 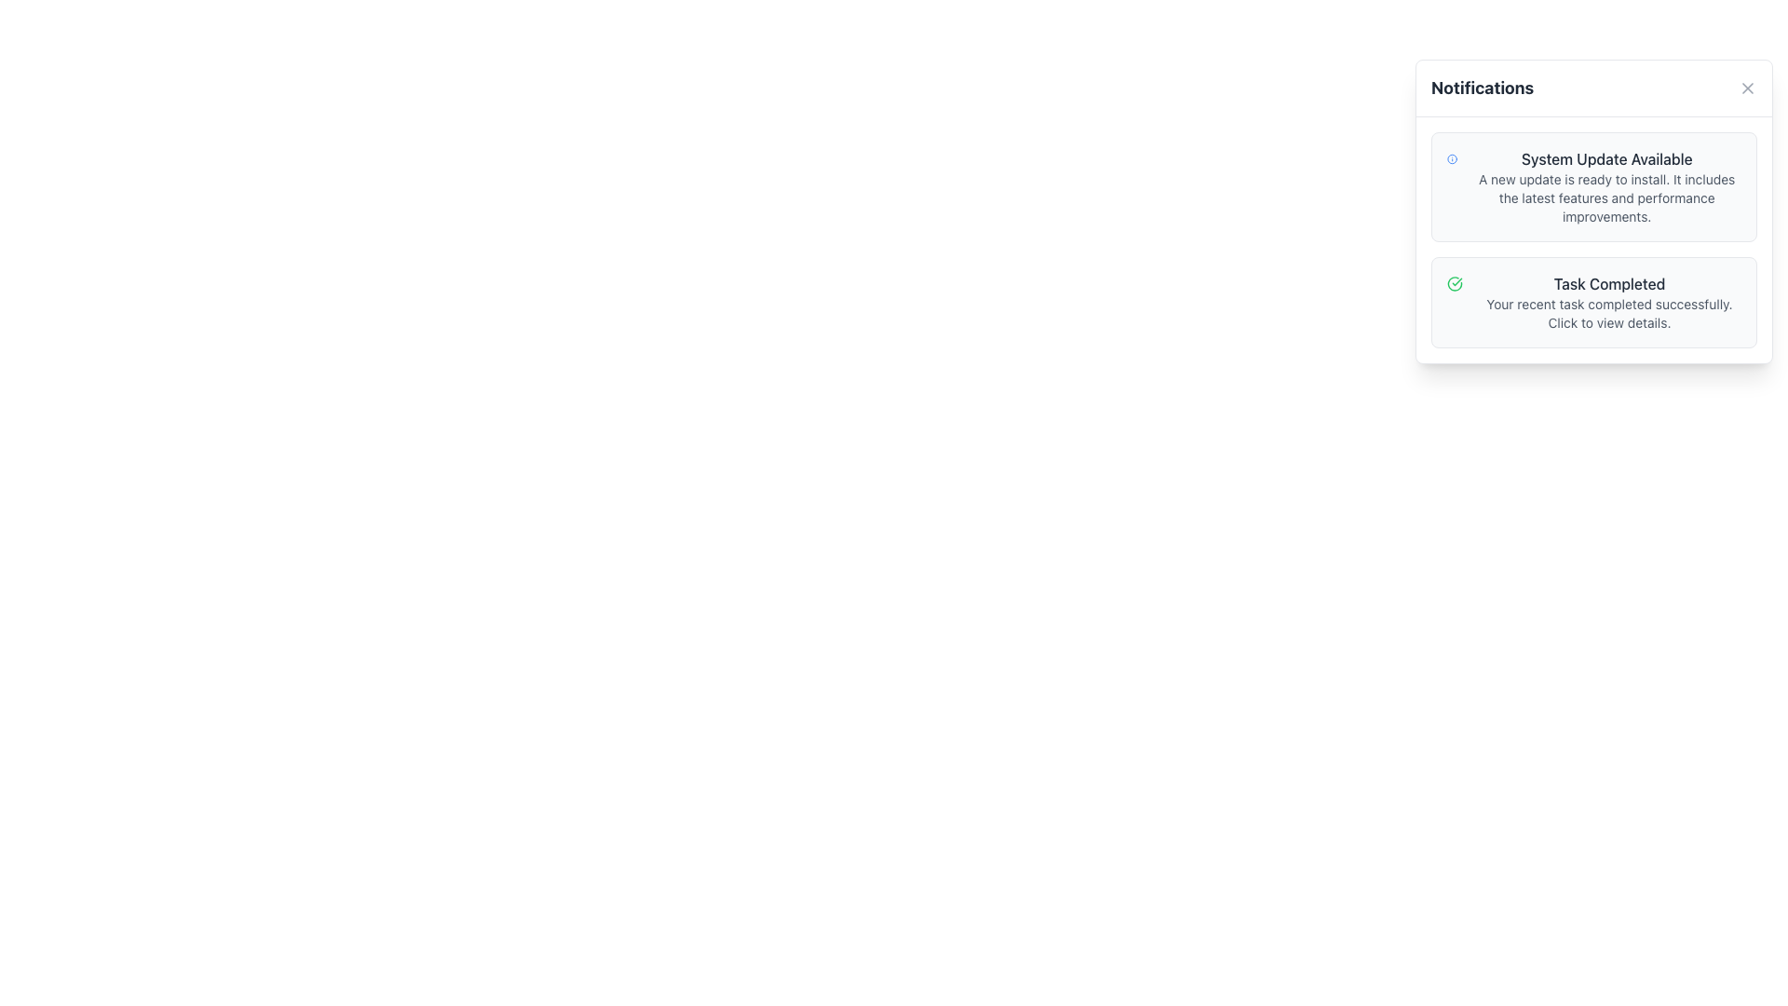 I want to click on the task completion icon located, so click(x=1454, y=283).